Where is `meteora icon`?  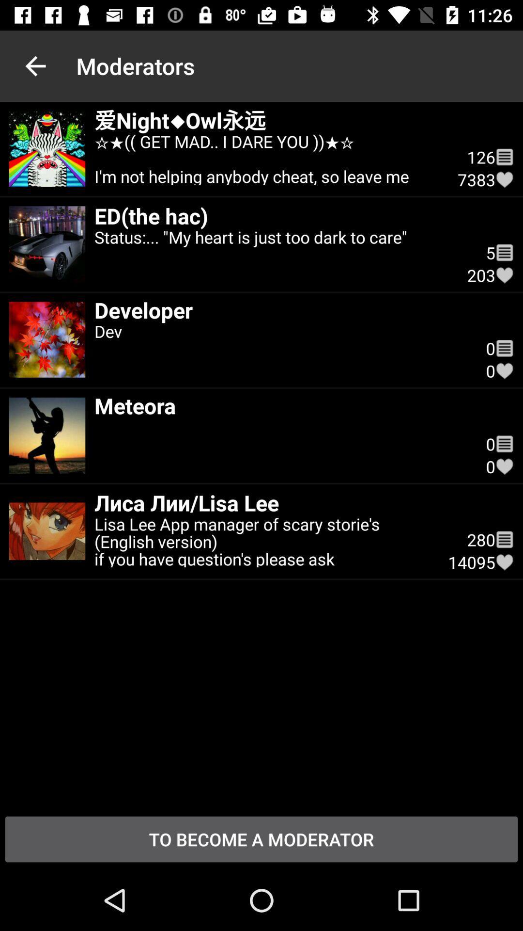
meteora icon is located at coordinates (281, 405).